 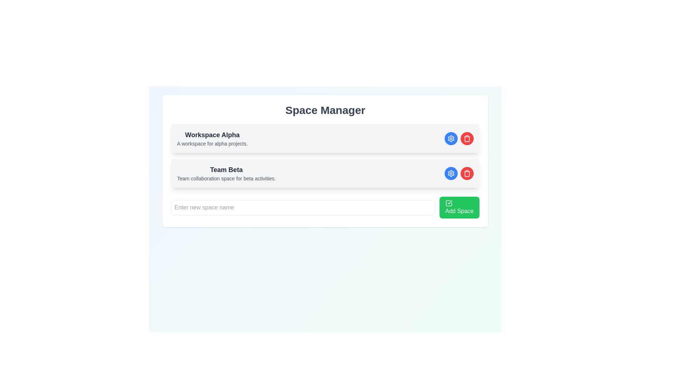 What do you see at coordinates (451, 138) in the screenshot?
I see `the settings icon, which is a small gear-shaped icon in a blue circle with a white stroke, located on the right side of the 'Workspace Alpha' label row` at bounding box center [451, 138].